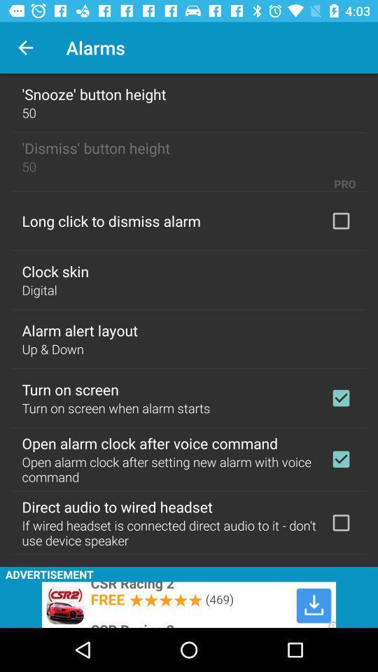  What do you see at coordinates (340, 398) in the screenshot?
I see `tick` at bounding box center [340, 398].